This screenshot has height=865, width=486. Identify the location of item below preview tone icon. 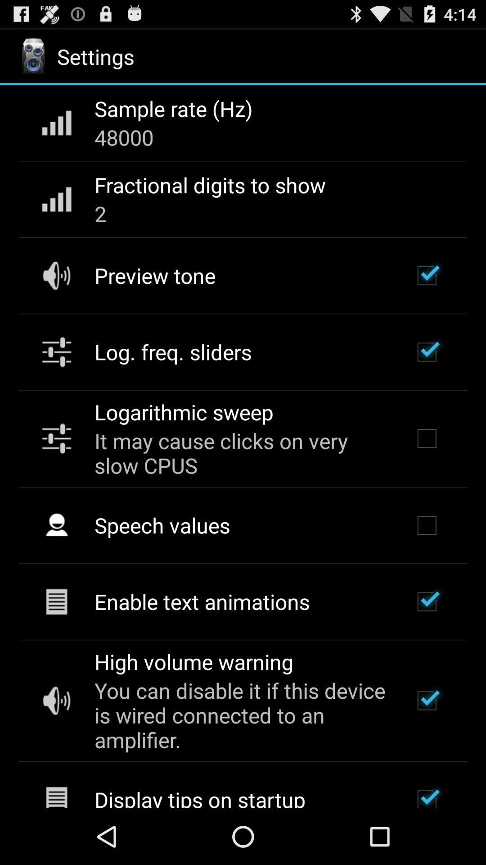
(173, 351).